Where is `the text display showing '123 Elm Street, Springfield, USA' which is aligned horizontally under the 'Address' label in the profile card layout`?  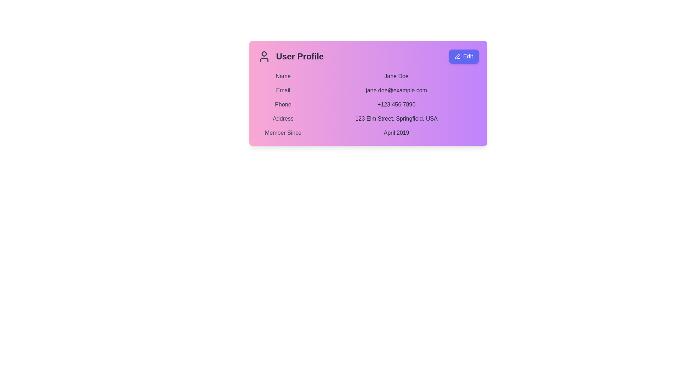 the text display showing '123 Elm Street, Springfield, USA' which is aligned horizontally under the 'Address' label in the profile card layout is located at coordinates (396, 118).